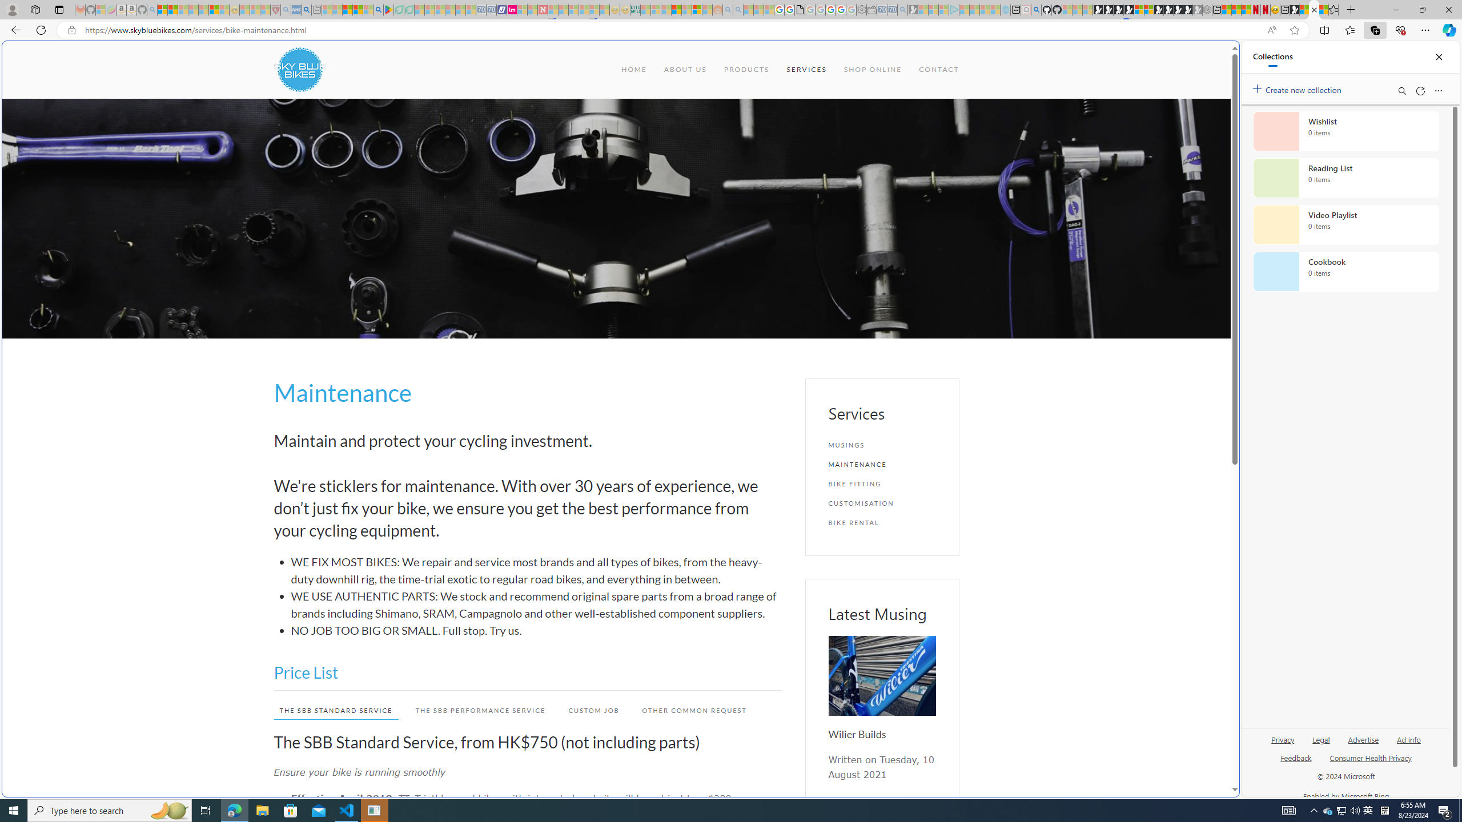 Image resolution: width=1462 pixels, height=822 pixels. I want to click on 'Cheap Car Rentals - Save70.com - Sleeping', so click(891, 9).